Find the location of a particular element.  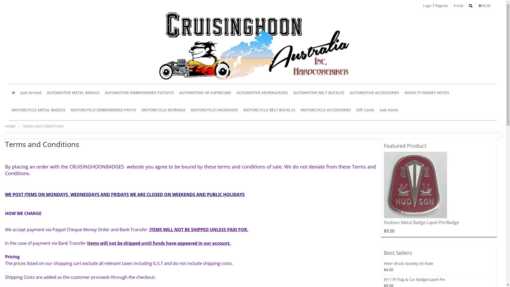

'EH 179 Flag & Car Badge/Lapel-Pin' is located at coordinates (414, 279).